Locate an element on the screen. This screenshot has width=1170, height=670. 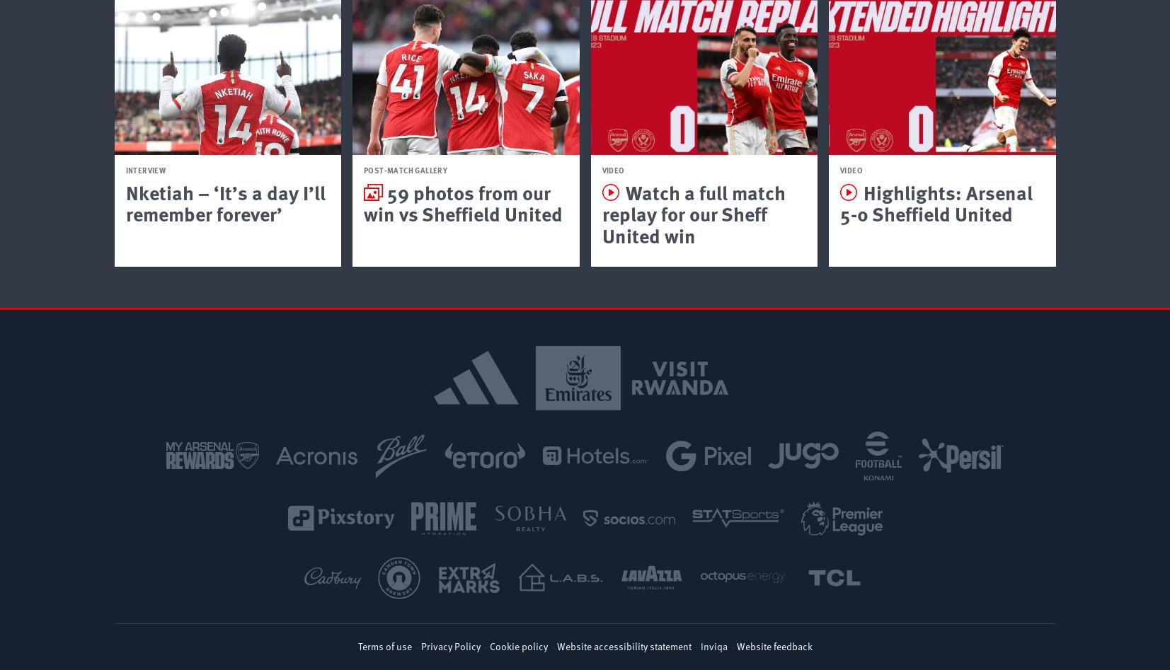
'Watch a full match replay for our Sheff United win' is located at coordinates (693, 212).